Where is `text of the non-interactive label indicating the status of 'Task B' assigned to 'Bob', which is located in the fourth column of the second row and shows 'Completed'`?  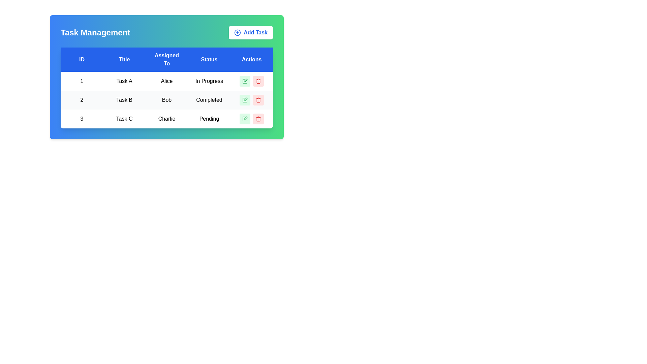
text of the non-interactive label indicating the status of 'Task B' assigned to 'Bob', which is located in the fourth column of the second row and shows 'Completed' is located at coordinates (209, 100).